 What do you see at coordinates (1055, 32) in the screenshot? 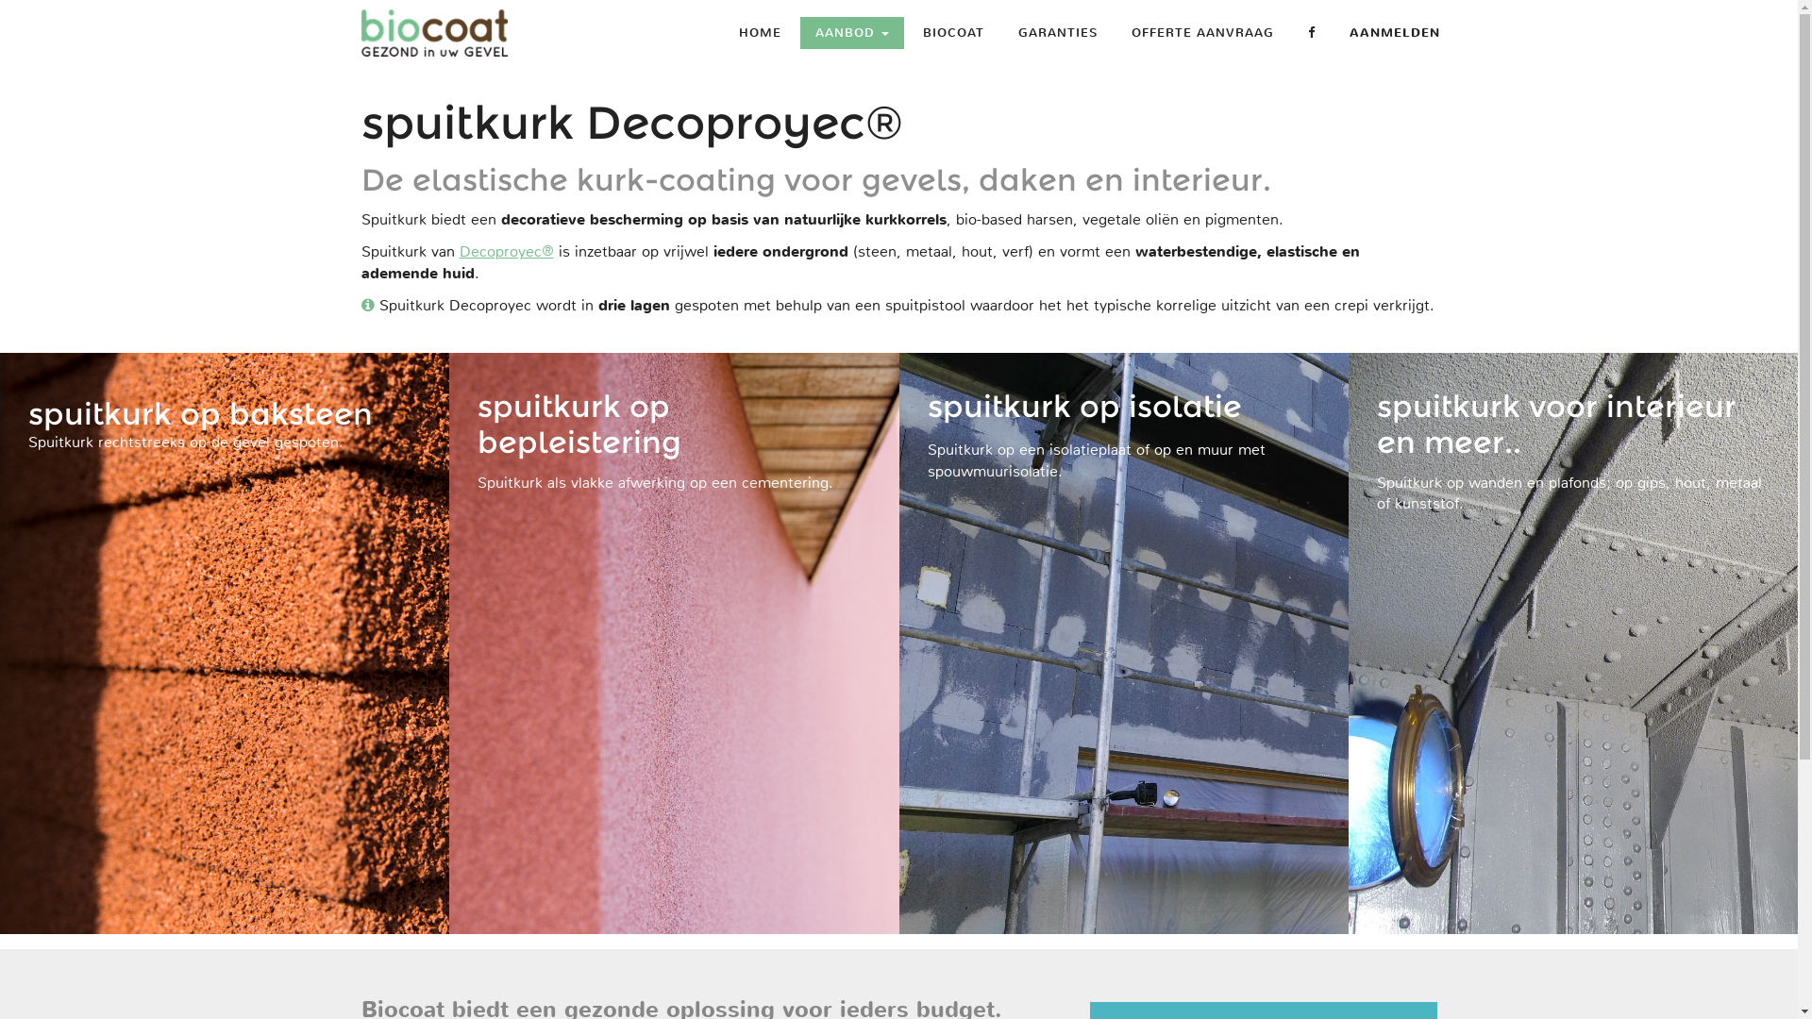
I see `'GARANTIES'` at bounding box center [1055, 32].